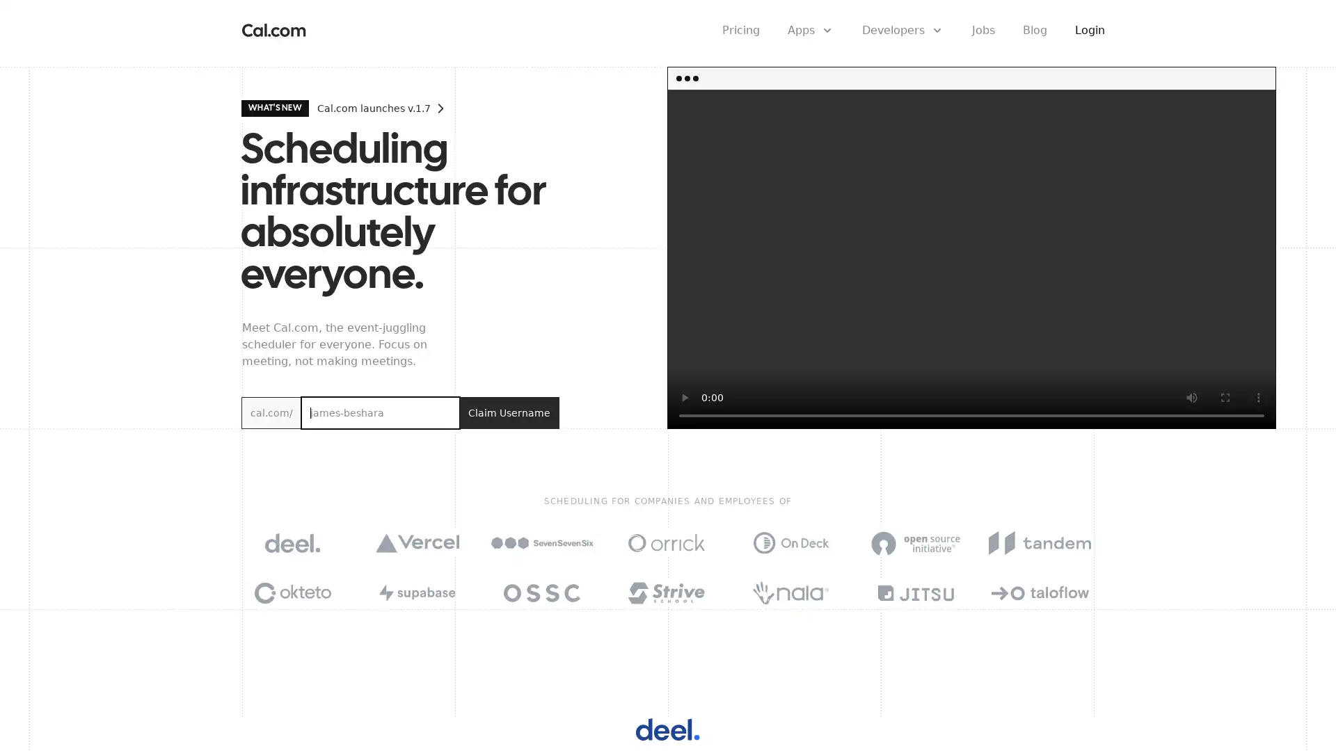 This screenshot has width=1336, height=751. Describe the element at coordinates (1225, 397) in the screenshot. I see `enter full screen` at that location.